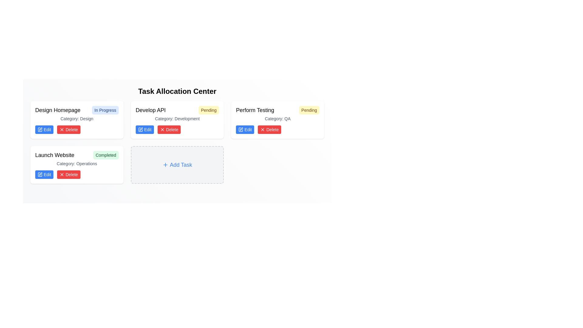 The image size is (583, 328). Describe the element at coordinates (309, 110) in the screenshot. I see `the rectangular badge-like component with a light yellow background and the text 'Pending' in a bold, dark yellow font, located in the upper right corner of the 'Perform Testing' task card` at that location.